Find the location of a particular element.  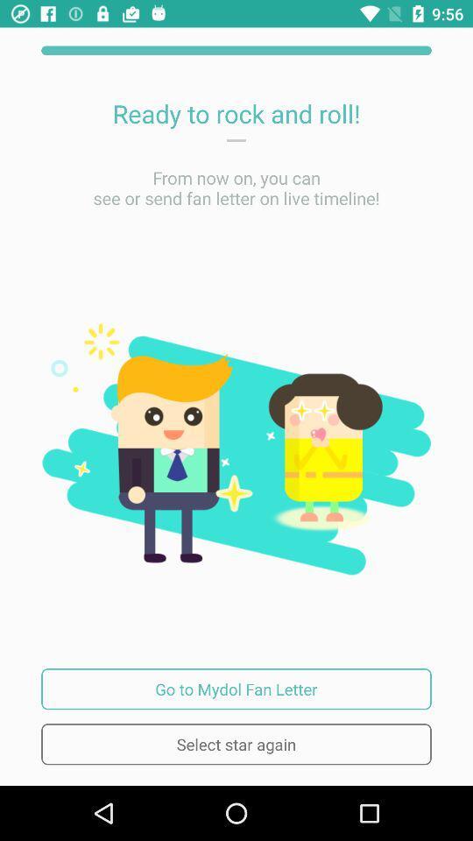

the go to mydol icon is located at coordinates (236, 689).